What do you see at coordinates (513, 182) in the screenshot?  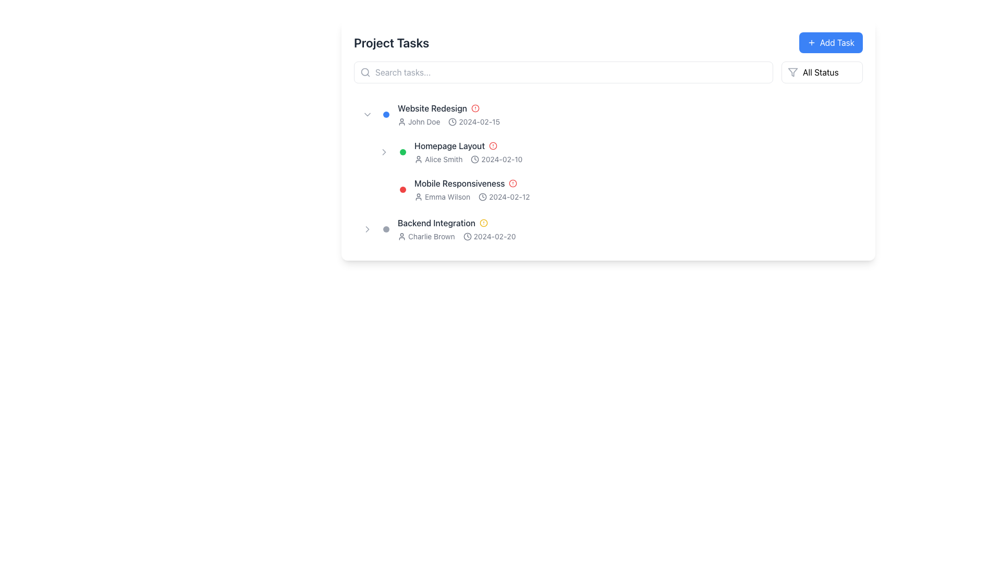 I see `the warning or error icon located to the right of the 'Mobile Responsiveness' text` at bounding box center [513, 182].